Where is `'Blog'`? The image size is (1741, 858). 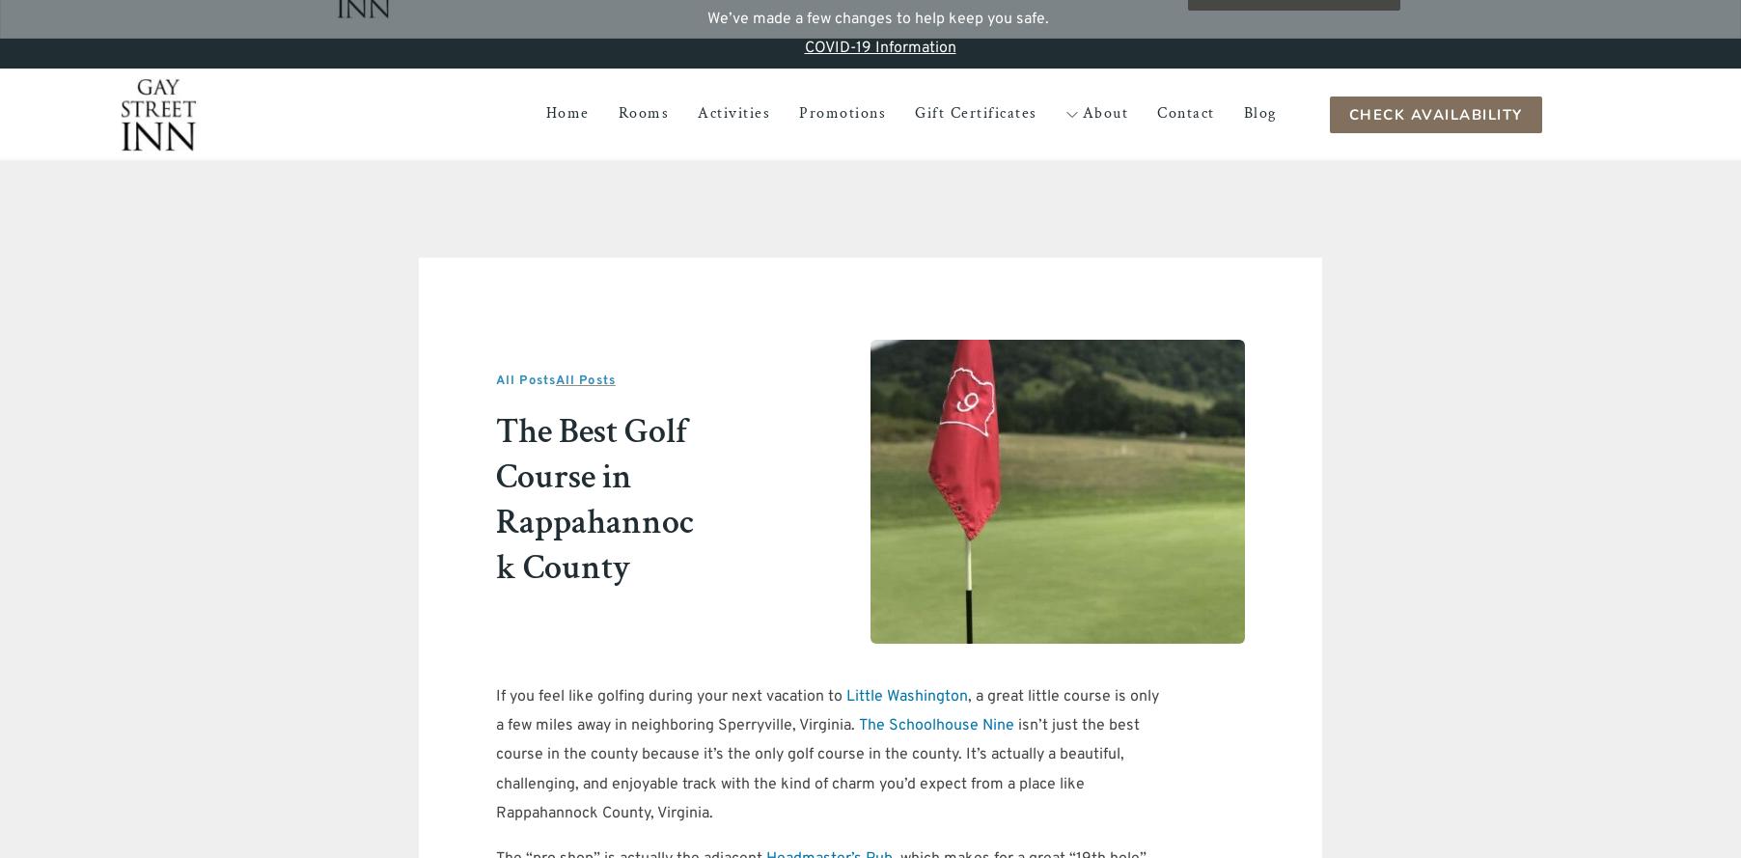
'Blog' is located at coordinates (1259, 112).